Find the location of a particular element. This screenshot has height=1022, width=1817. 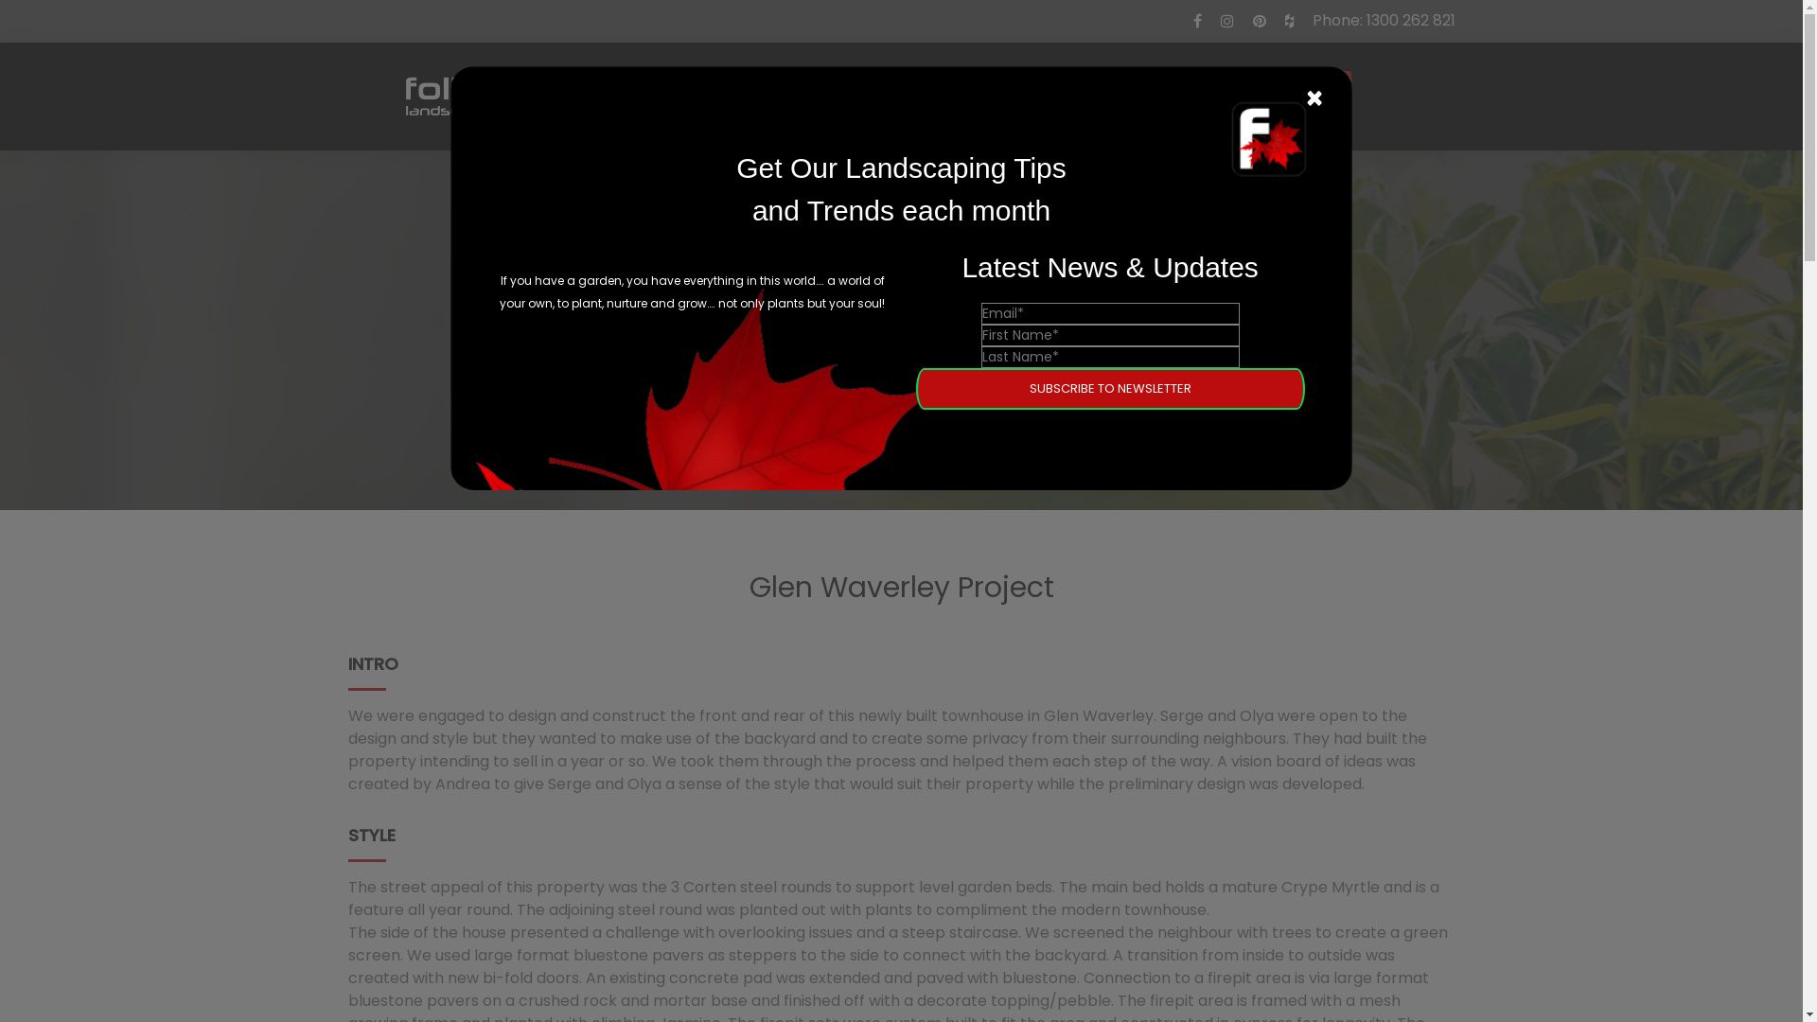

'REQUEST A QUOTE' is located at coordinates (1157, 96).